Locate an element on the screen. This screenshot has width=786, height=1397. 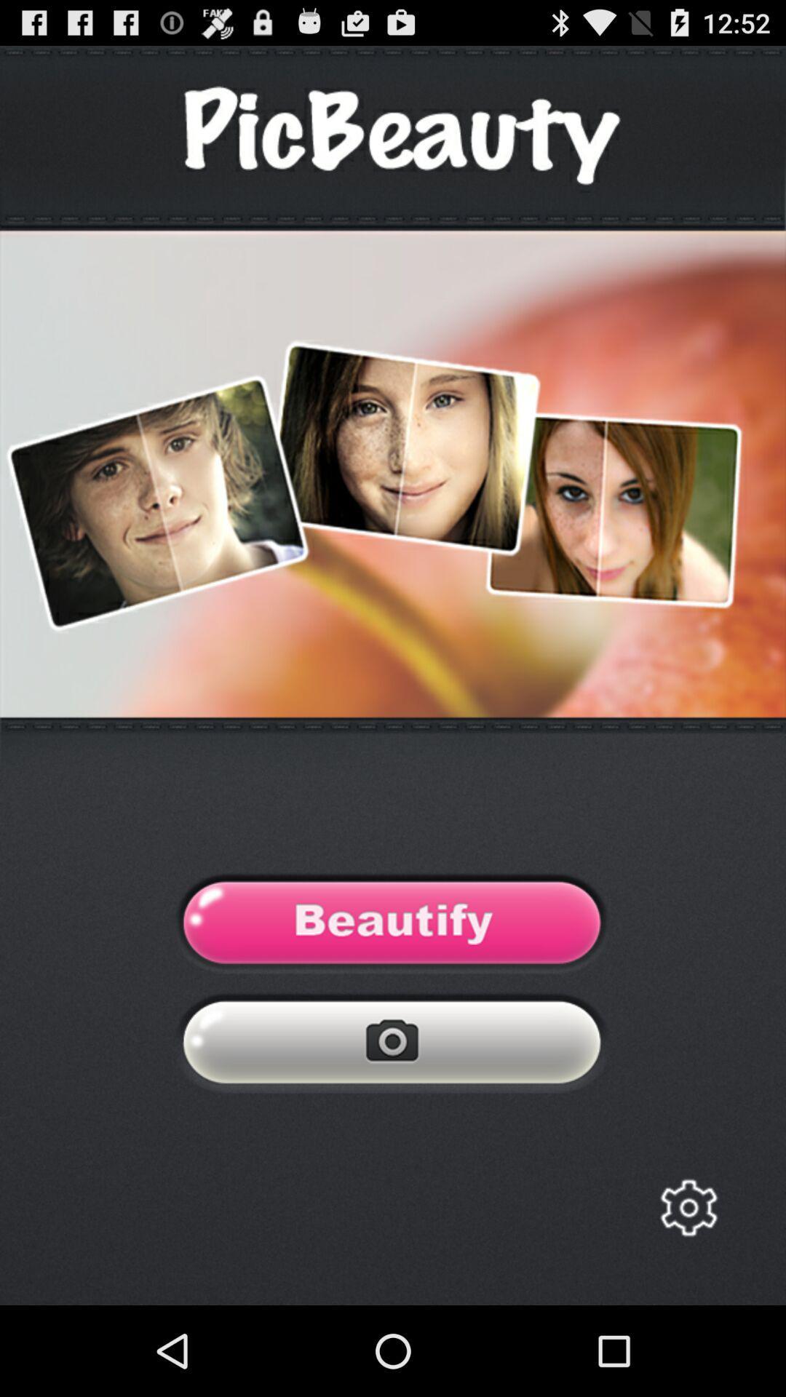
enhance the photos is located at coordinates (392, 926).